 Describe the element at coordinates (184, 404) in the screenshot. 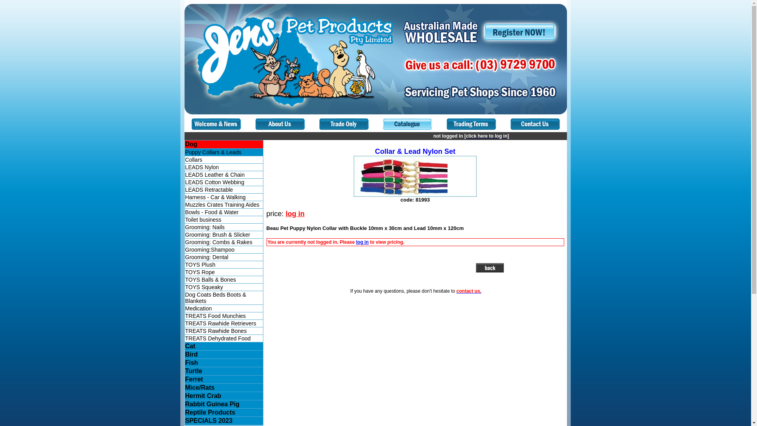

I see `'Rabbit Guinea Pig'` at that location.